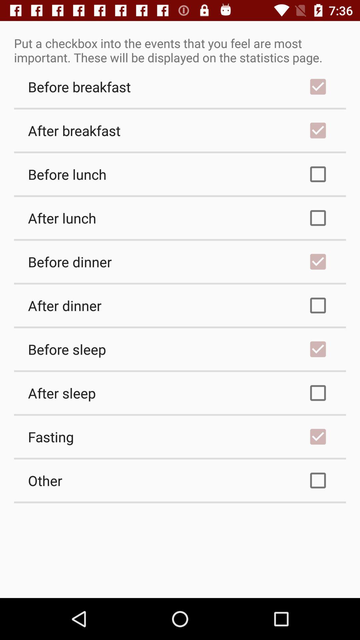 The height and width of the screenshot is (640, 360). I want to click on item below the before breakfast icon, so click(180, 130).